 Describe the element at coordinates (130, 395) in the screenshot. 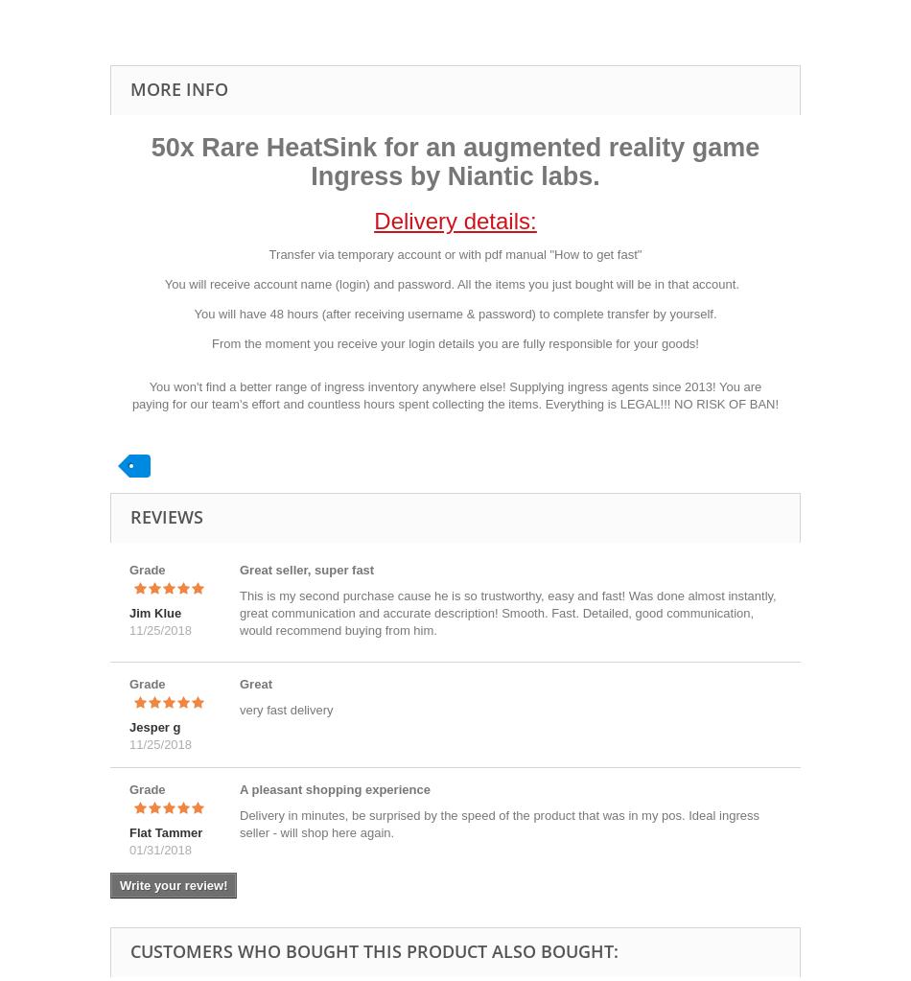

I see `'You won't find a better range of ingress inventory anywhere else! Supplying ingress agents since 2013! You are paying for our team's effort and countless hours spent collecting the items. Everything is LEGAL!!! NO RISK OF BAN!'` at that location.